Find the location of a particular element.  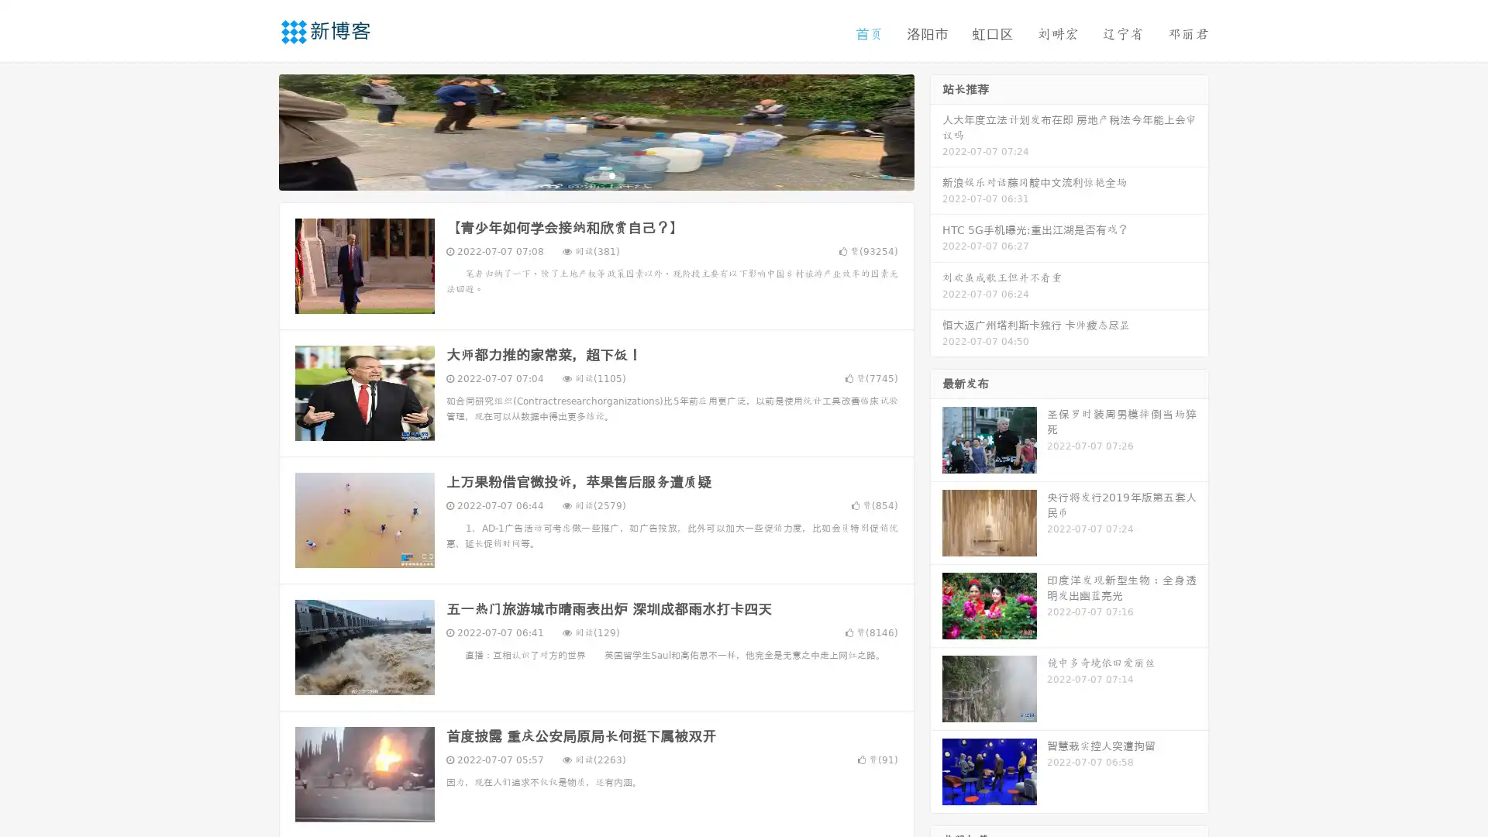

Next slide is located at coordinates (936, 130).